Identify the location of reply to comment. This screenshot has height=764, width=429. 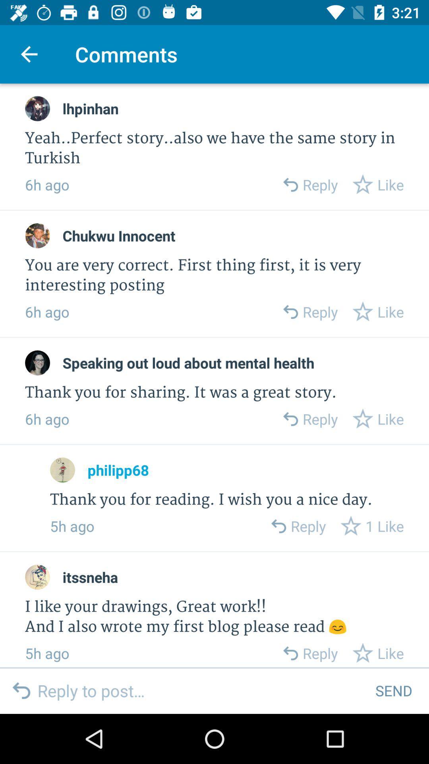
(278, 526).